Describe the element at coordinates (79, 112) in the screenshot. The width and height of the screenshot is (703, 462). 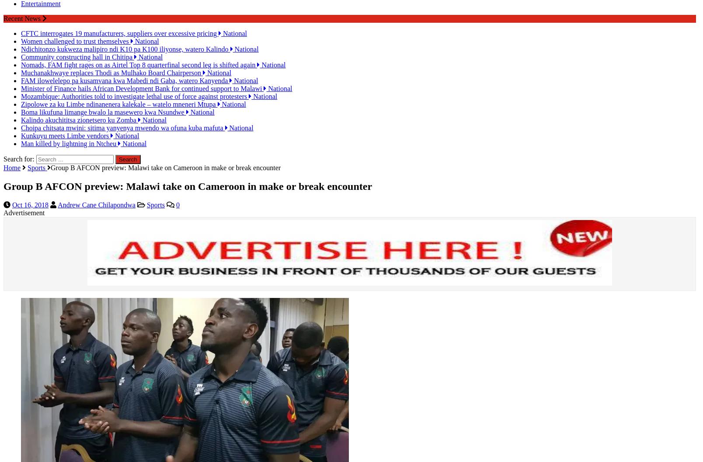
I see `'Kalindo akuchititsa zionetsero ku Zomba'` at that location.